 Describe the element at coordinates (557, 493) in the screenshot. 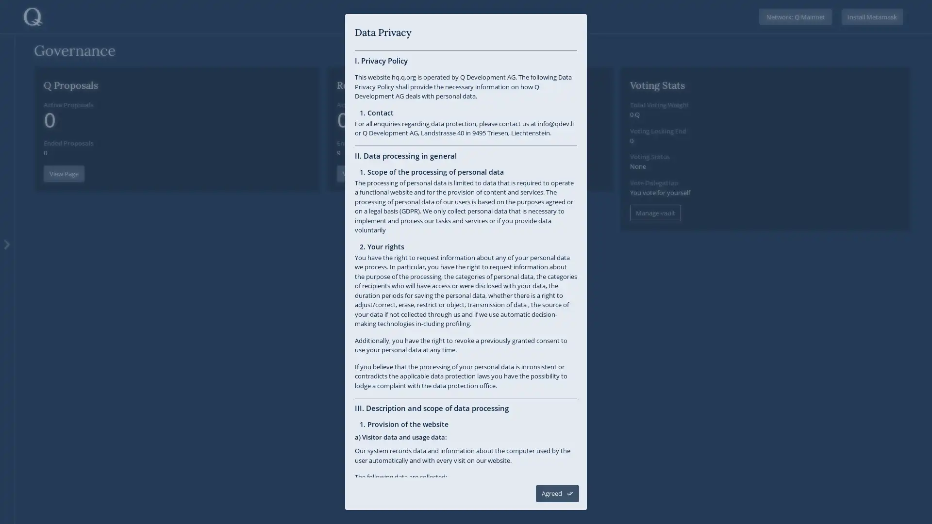

I see `Agreed` at that location.